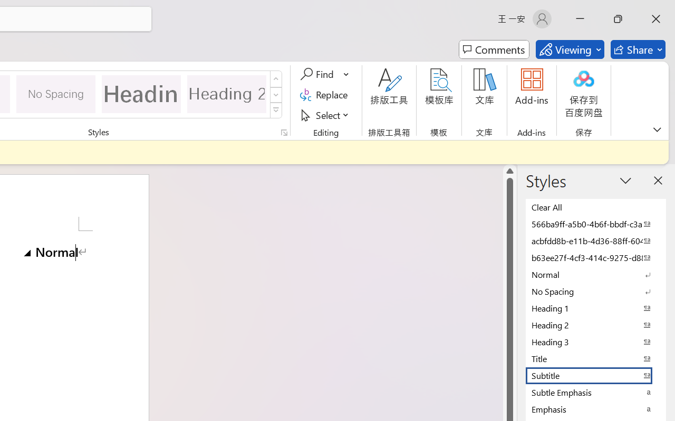 This screenshot has width=675, height=421. Describe the element at coordinates (226, 93) in the screenshot. I see `'Heading 2'` at that location.